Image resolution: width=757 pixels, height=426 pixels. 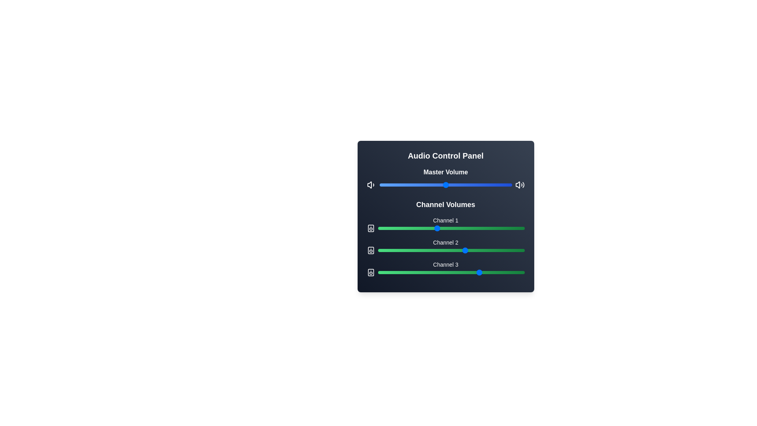 I want to click on the slider value, so click(x=412, y=272).